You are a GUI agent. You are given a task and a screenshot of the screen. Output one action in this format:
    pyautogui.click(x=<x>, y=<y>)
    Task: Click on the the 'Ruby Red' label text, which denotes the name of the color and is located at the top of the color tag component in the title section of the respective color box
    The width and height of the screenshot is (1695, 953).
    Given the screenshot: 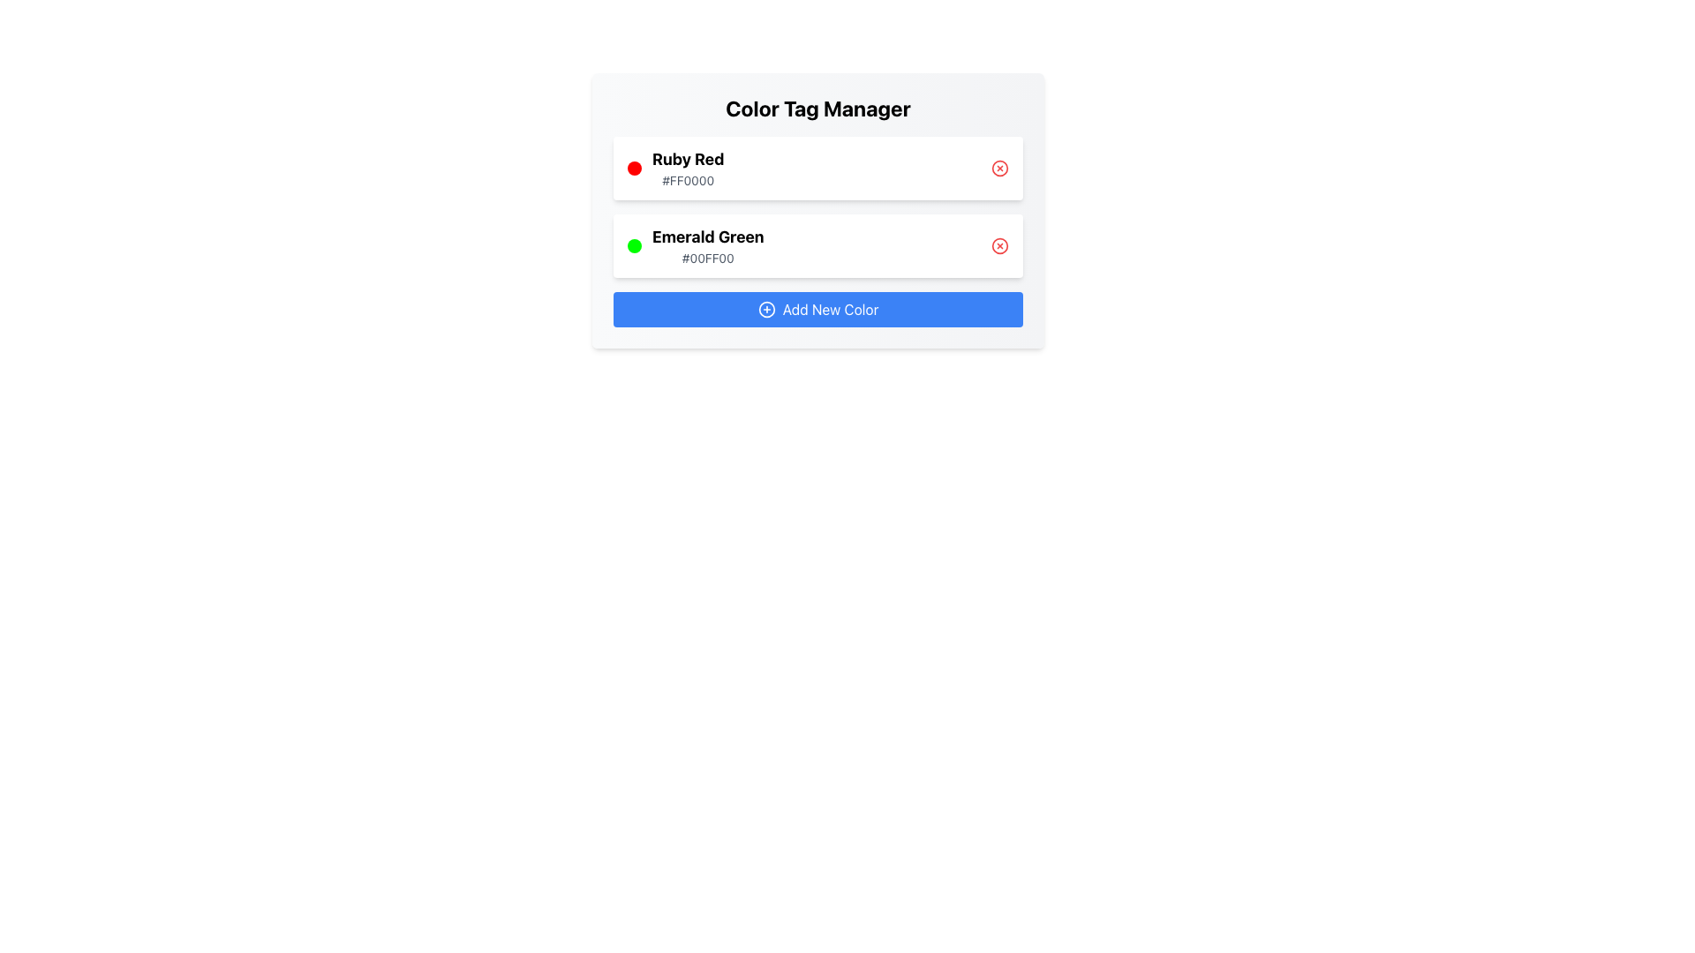 What is the action you would take?
    pyautogui.click(x=687, y=160)
    